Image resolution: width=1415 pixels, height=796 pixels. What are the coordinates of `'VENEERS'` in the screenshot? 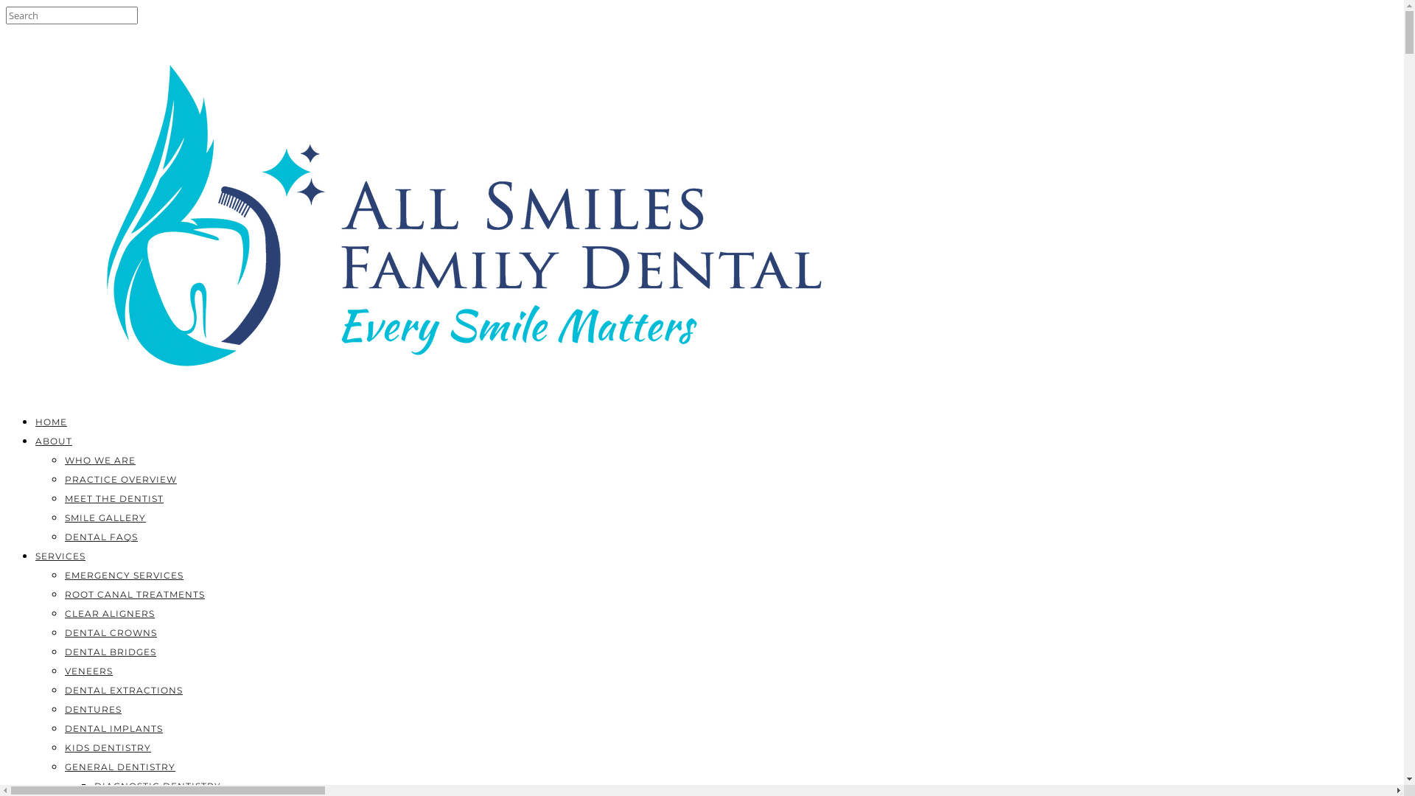 It's located at (63, 671).